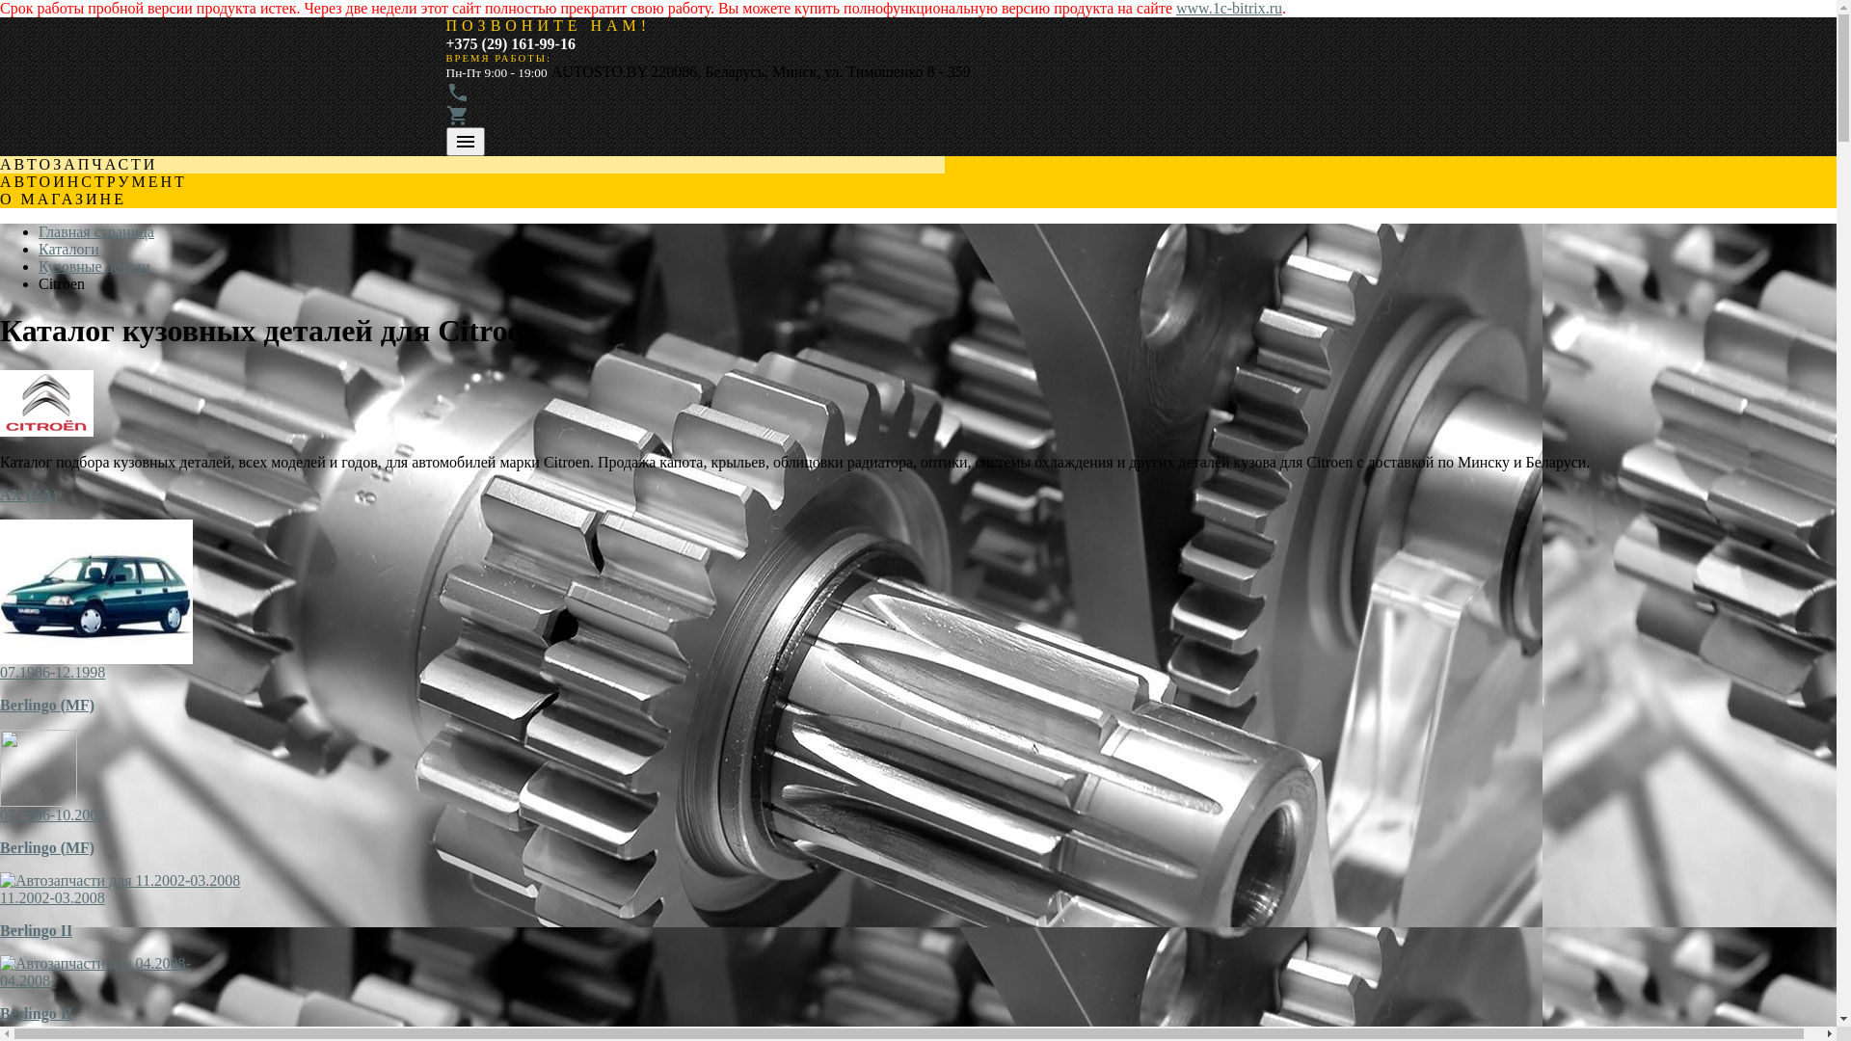  What do you see at coordinates (464, 140) in the screenshot?
I see `'menu'` at bounding box center [464, 140].